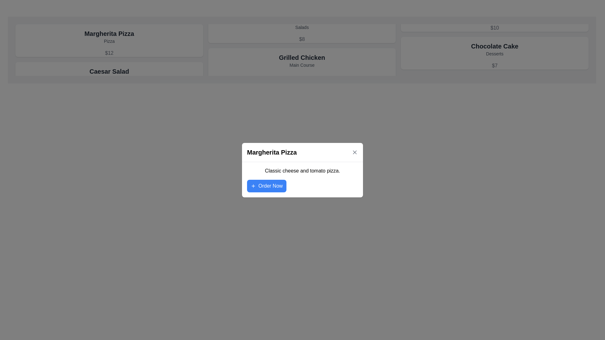 This screenshot has width=605, height=340. Describe the element at coordinates (494, 65) in the screenshot. I see `the static text label displaying the price '$7' at the bottom of the card layout for 'Chocolate Cake' located in the top-right area of the page` at that location.